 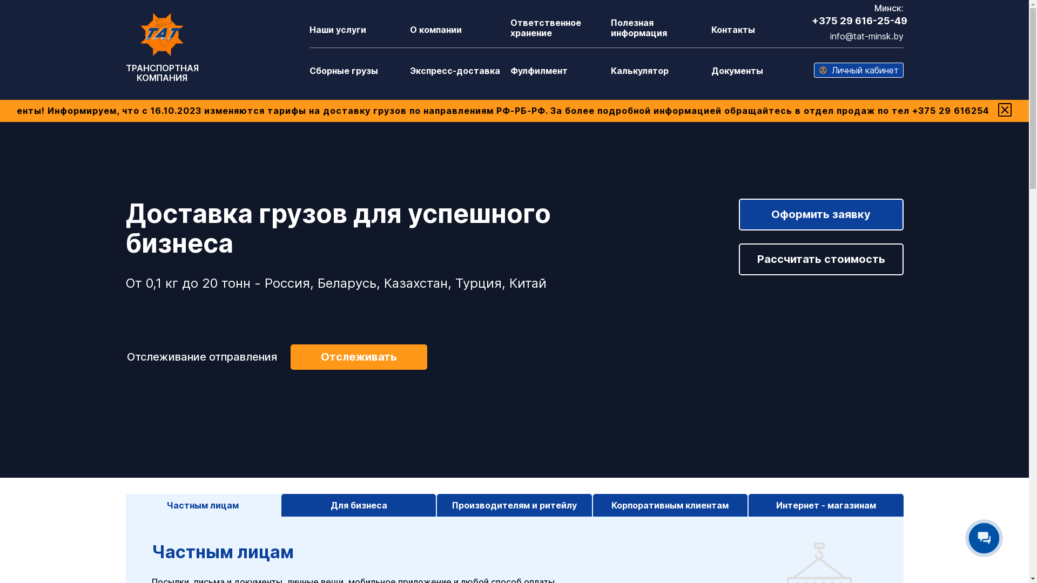 I want to click on '+375 29 616-25-49', so click(x=858, y=21).